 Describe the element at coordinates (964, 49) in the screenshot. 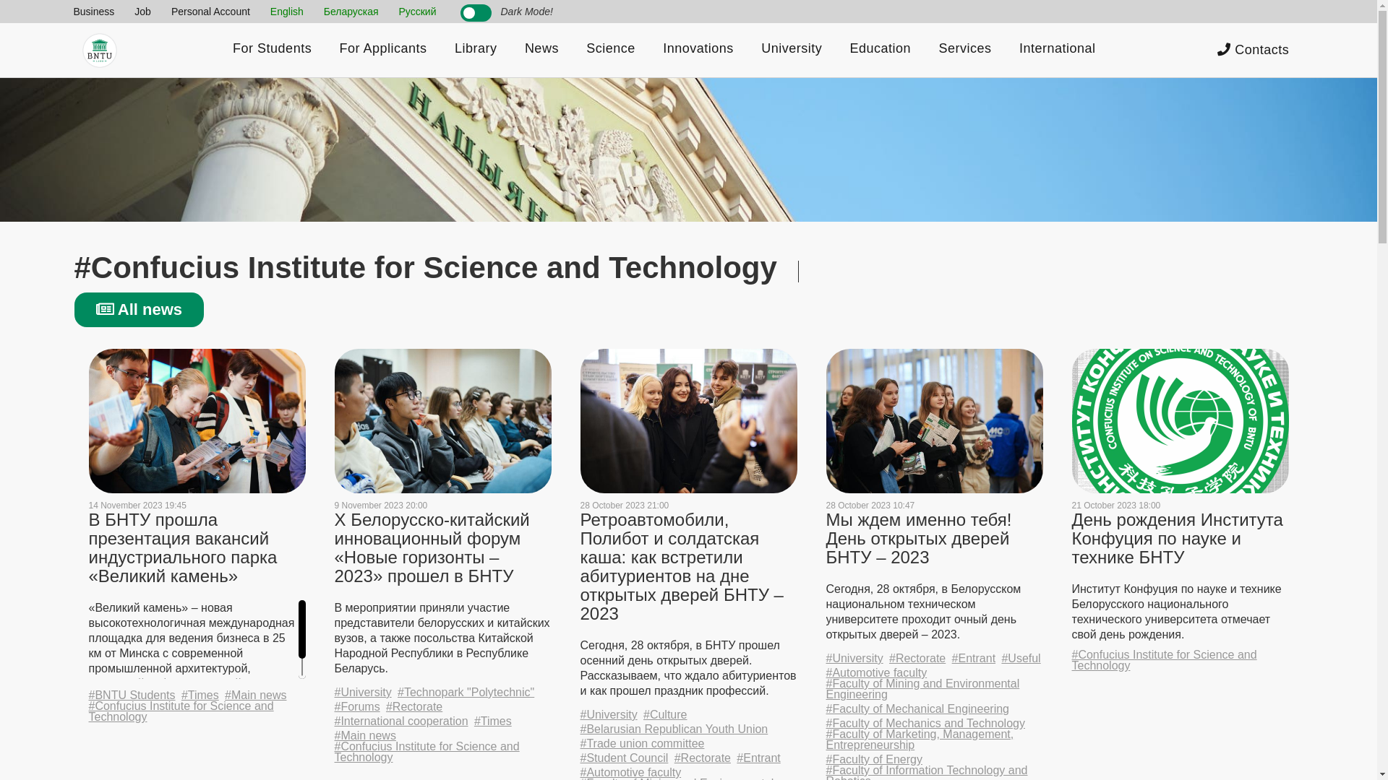

I see `'Services'` at that location.